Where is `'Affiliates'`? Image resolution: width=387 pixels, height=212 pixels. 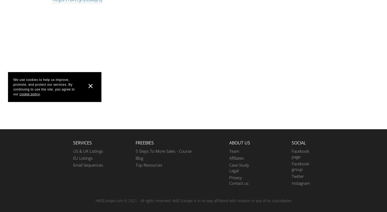
'Affiliates' is located at coordinates (236, 158).